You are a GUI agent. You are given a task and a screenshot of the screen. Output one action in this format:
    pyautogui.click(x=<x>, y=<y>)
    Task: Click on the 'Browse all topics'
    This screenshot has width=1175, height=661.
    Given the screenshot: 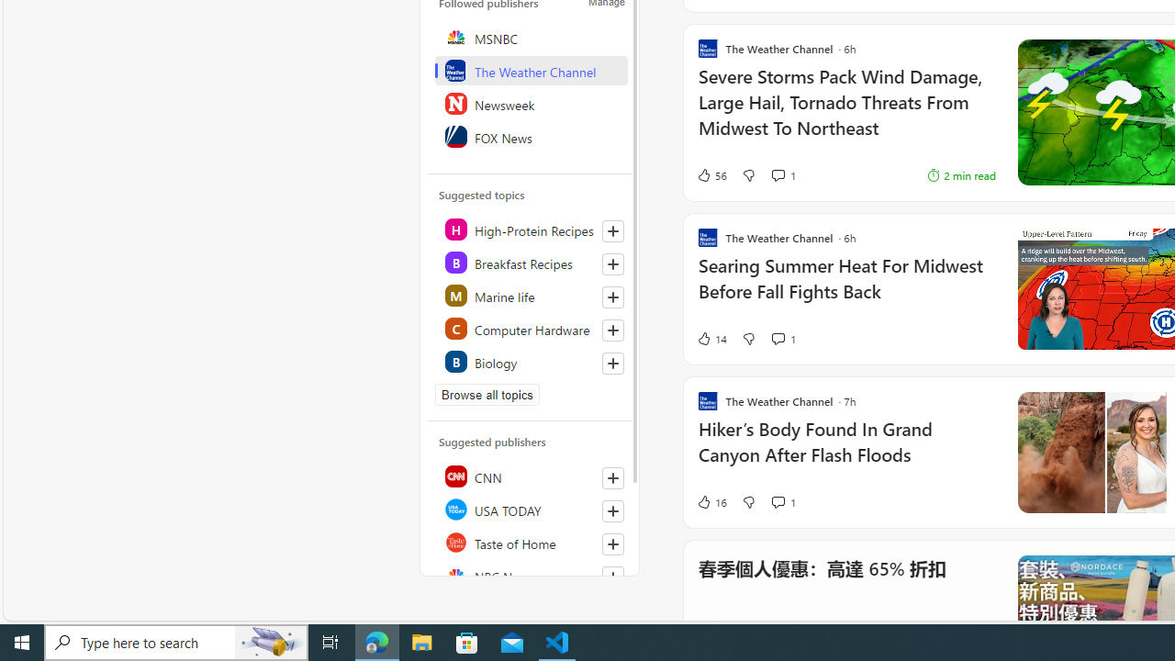 What is the action you would take?
    pyautogui.click(x=487, y=394)
    